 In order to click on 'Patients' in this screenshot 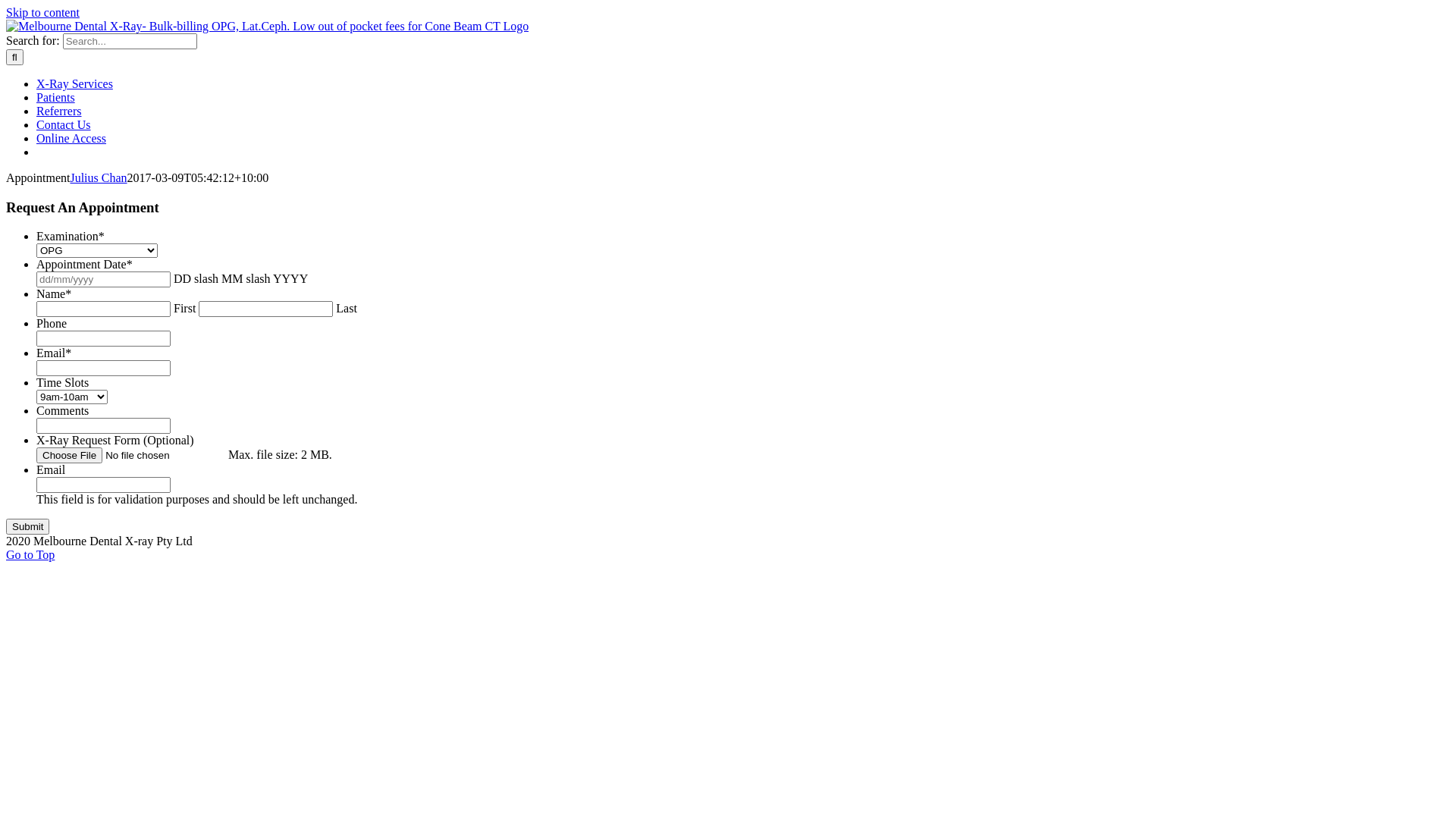, I will do `click(55, 97)`.